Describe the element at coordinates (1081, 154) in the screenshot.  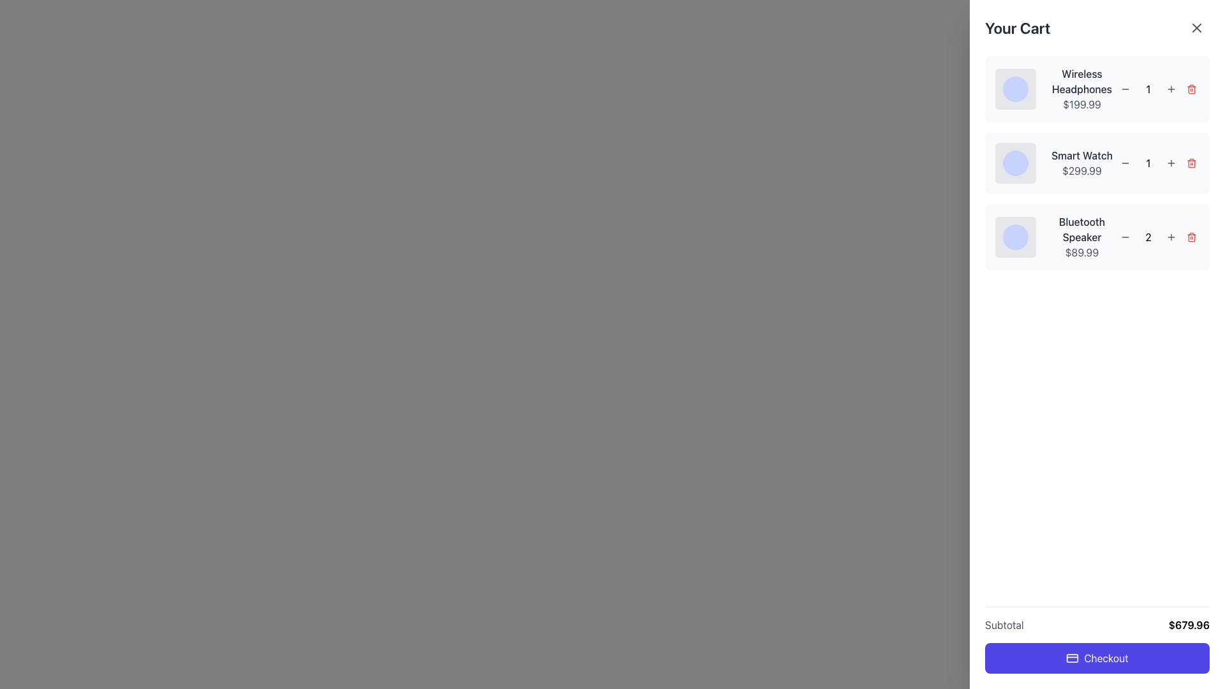
I see `the text label 'Smart Watch' which is part of the shopping cart list, positioned below 'Wireless Headphones' and above 'Bluetooth Speaker'` at that location.